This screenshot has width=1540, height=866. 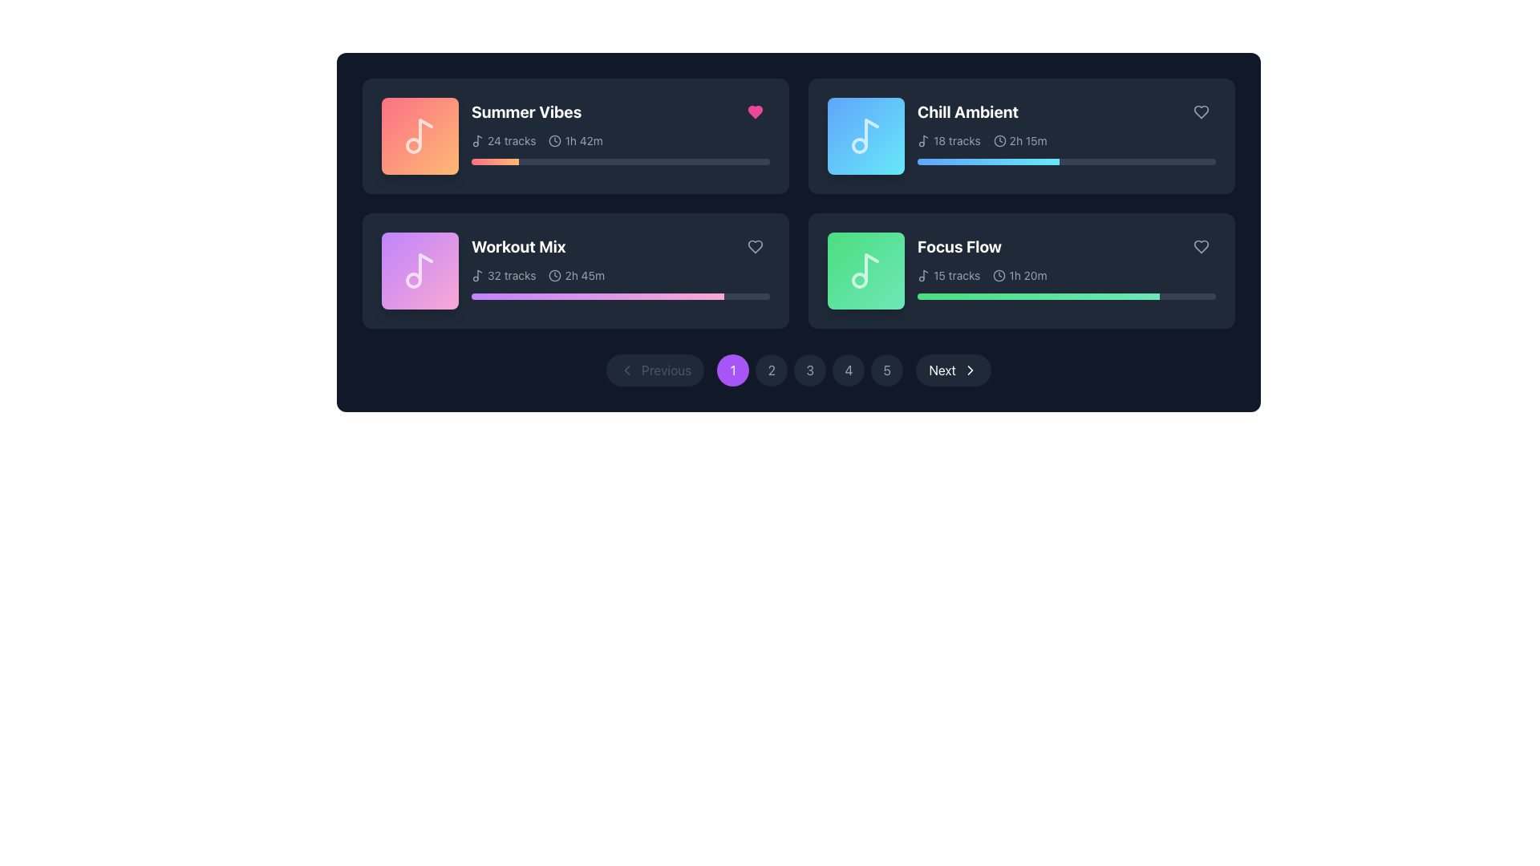 What do you see at coordinates (949, 274) in the screenshot?
I see `displayed information from the text label '15 tracks' accompanied by the music note icon in the bottom right card labeled 'Focus Flow'` at bounding box center [949, 274].